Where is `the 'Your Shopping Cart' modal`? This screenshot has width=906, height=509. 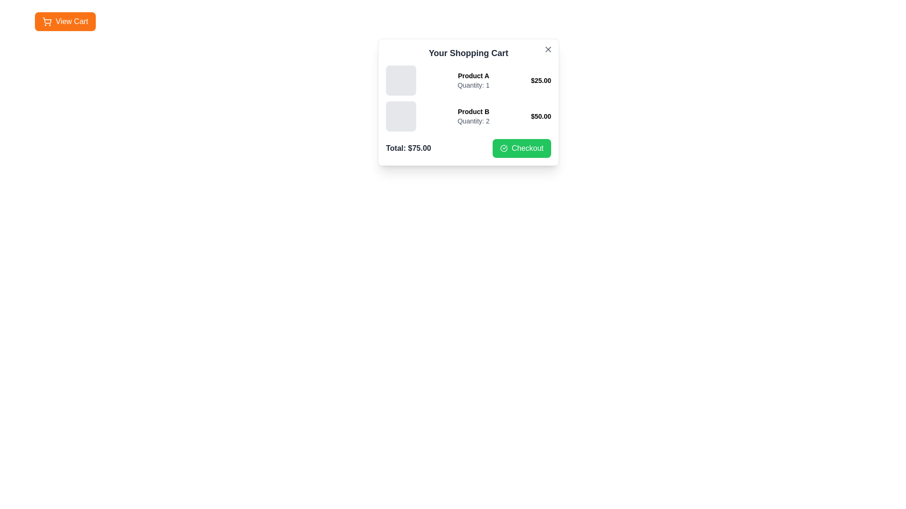 the 'Your Shopping Cart' modal is located at coordinates (469, 102).